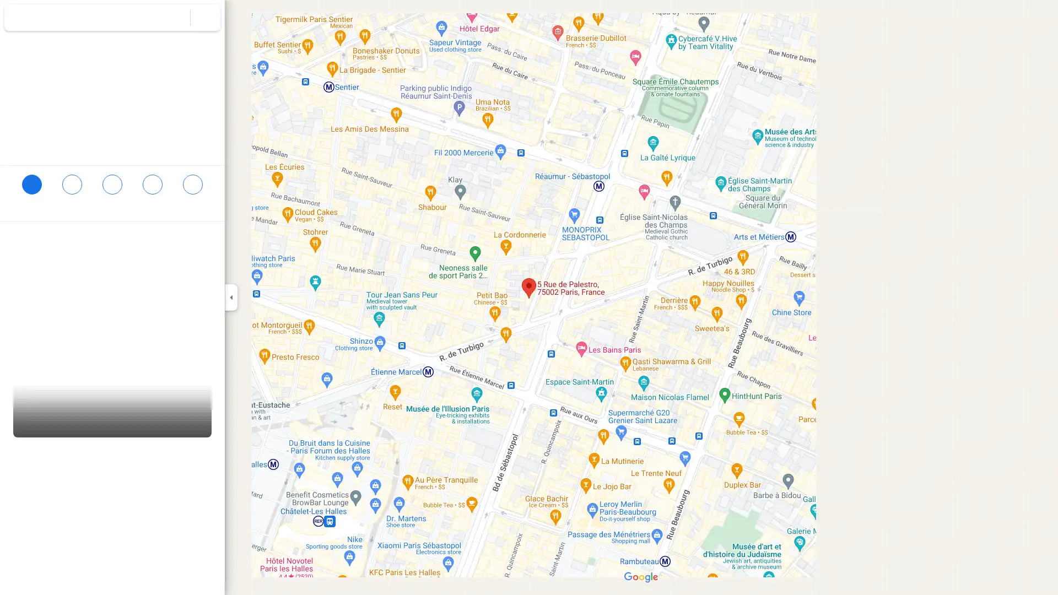  I want to click on Copy address, so click(204, 241).